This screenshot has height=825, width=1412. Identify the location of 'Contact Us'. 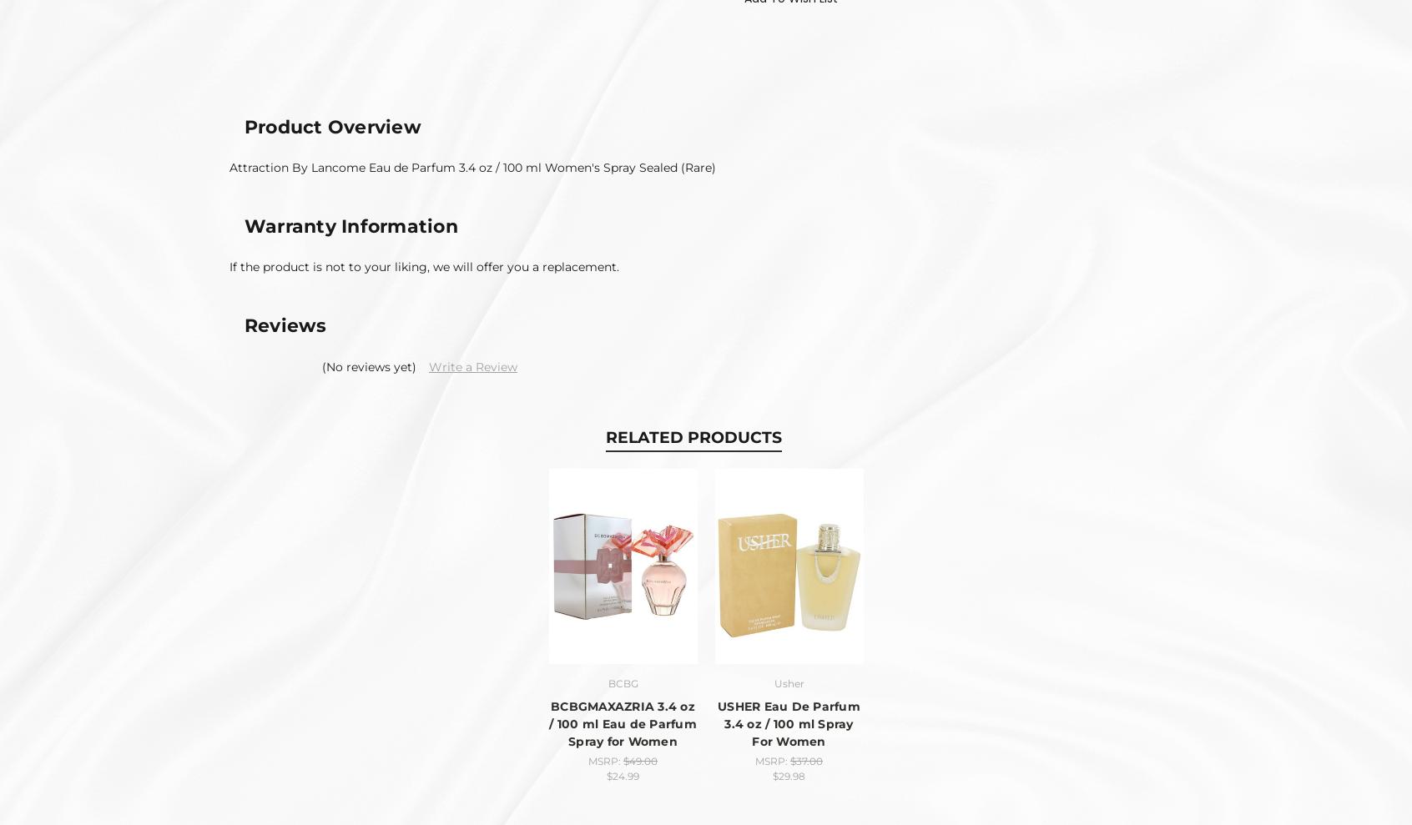
(250, 555).